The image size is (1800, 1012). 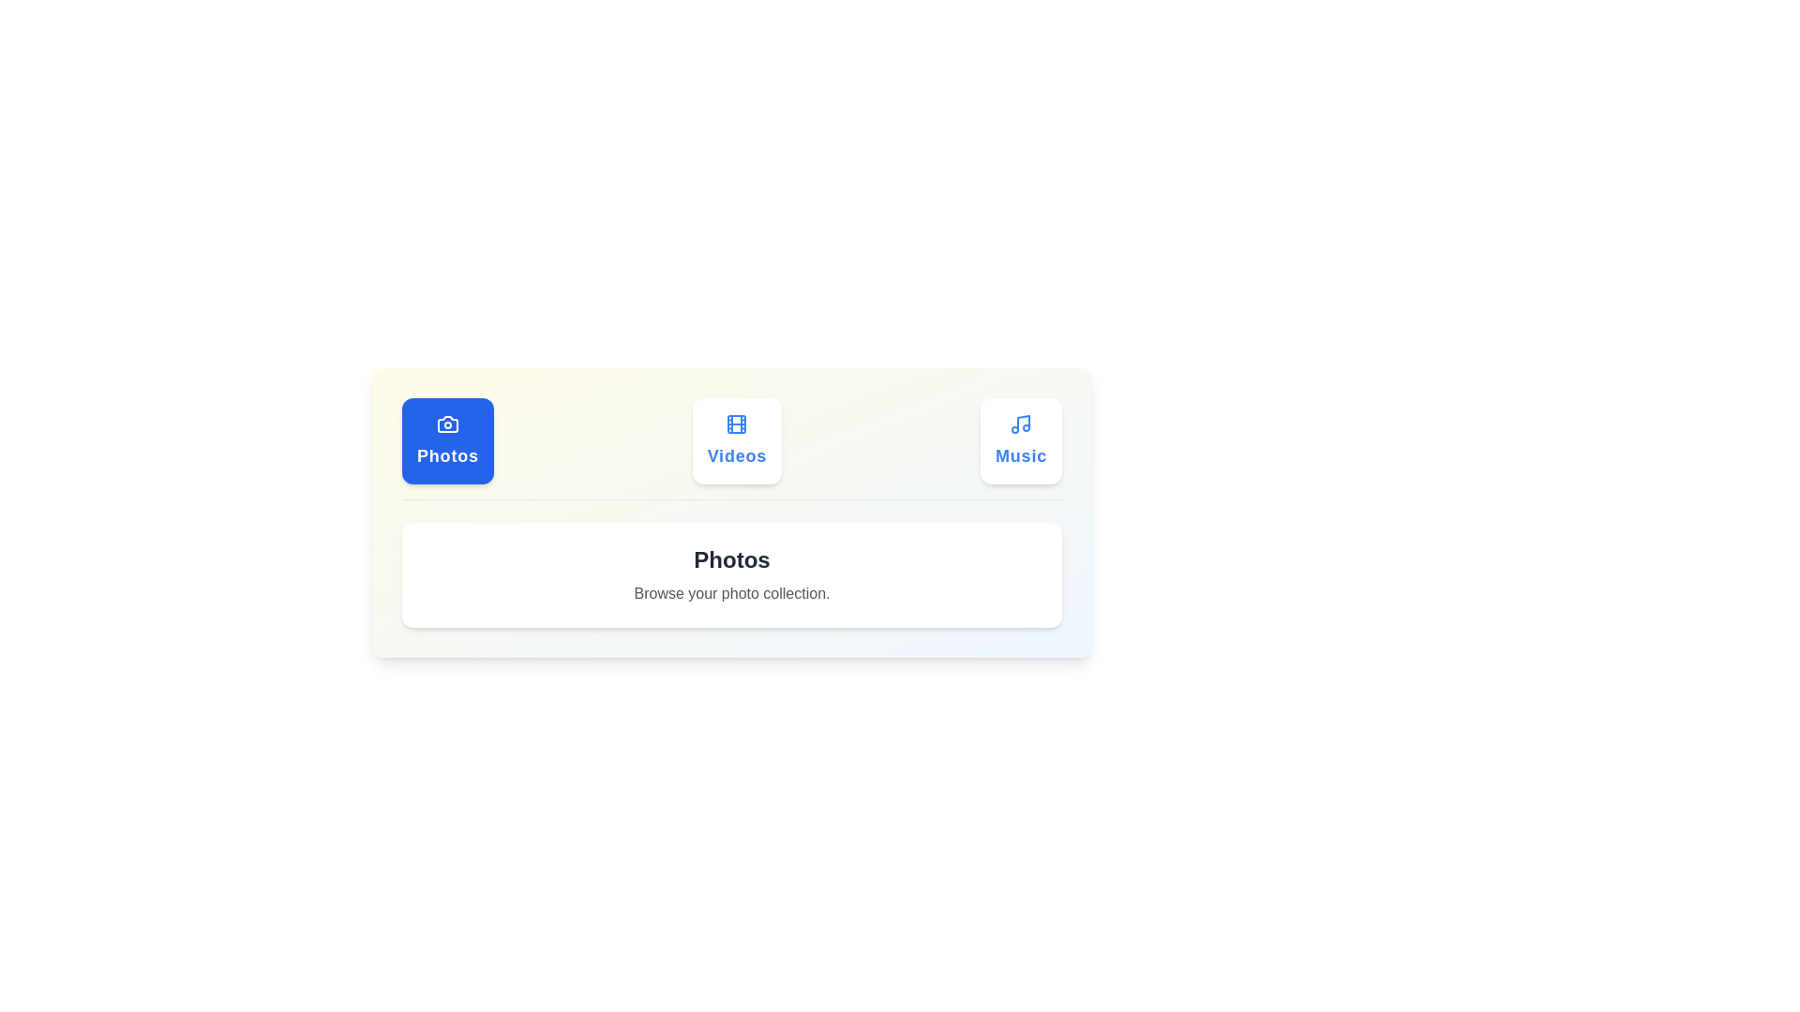 I want to click on the Photos tab to observe its content, so click(x=445, y=440).